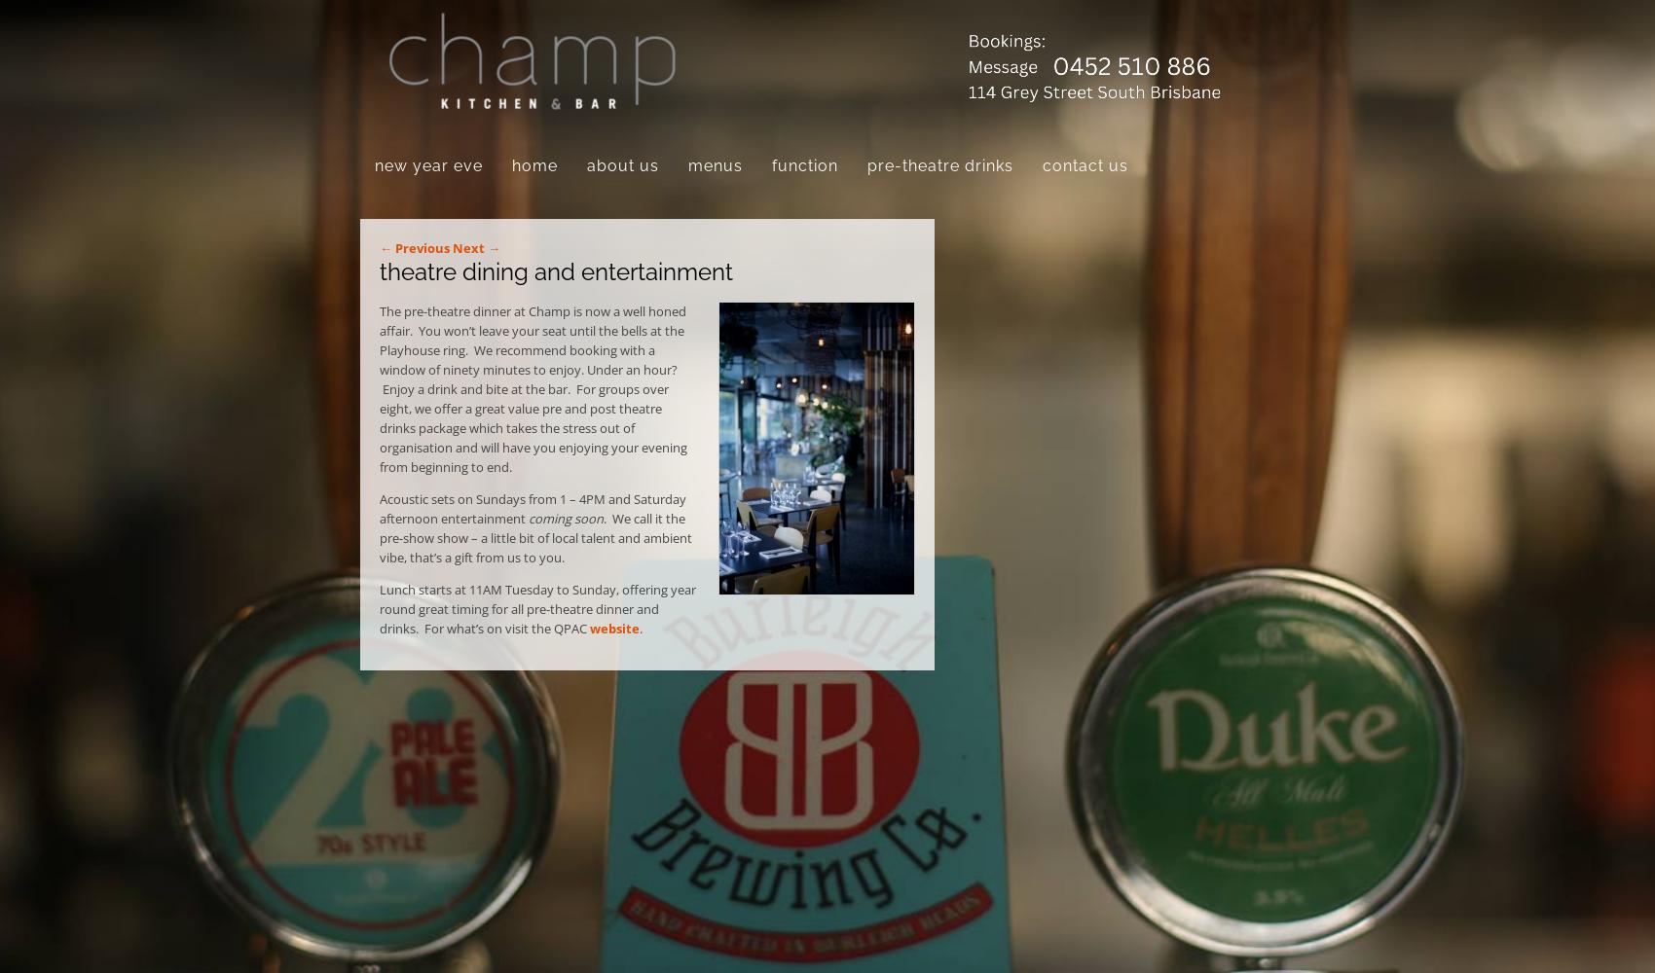 The height and width of the screenshot is (973, 1655). Describe the element at coordinates (532, 509) in the screenshot. I see `'Acoustic sets on Sundays from 1 – 4PM and Saturday afternoon entertainment'` at that location.